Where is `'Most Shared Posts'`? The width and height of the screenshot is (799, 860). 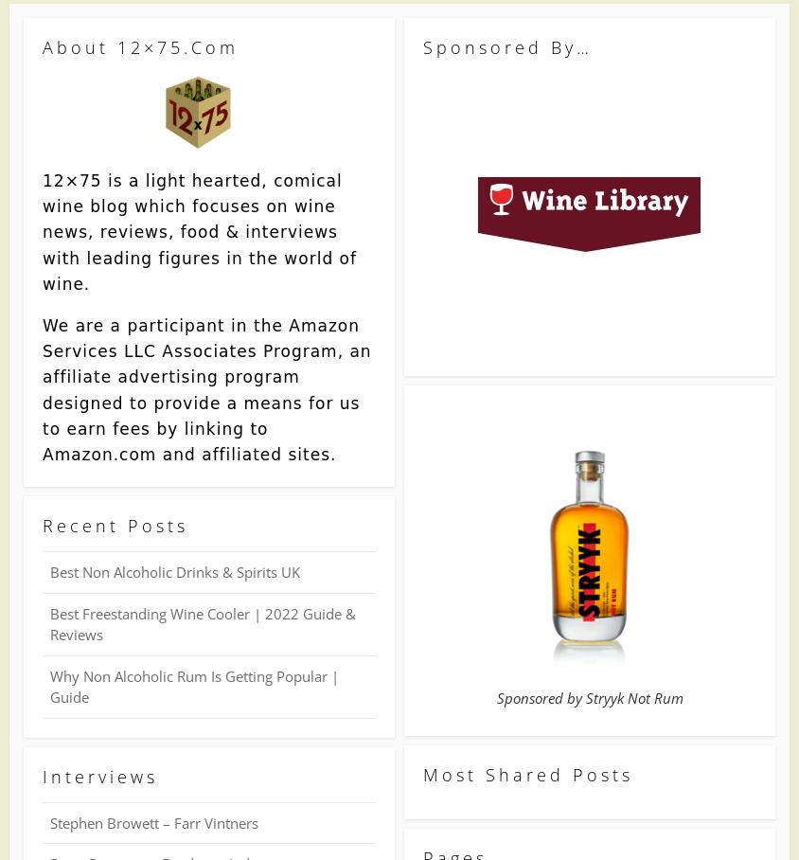
'Most Shared Posts' is located at coordinates (527, 774).